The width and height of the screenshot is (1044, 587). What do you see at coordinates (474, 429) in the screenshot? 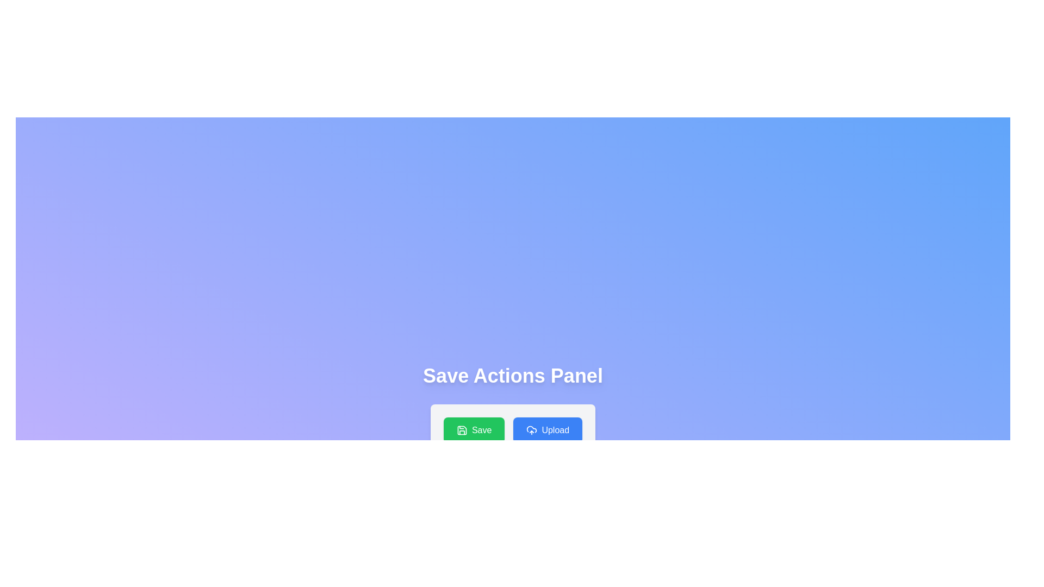
I see `the green 'Save' button with a white save icon, located in the 'Save Actions Panel'` at bounding box center [474, 429].